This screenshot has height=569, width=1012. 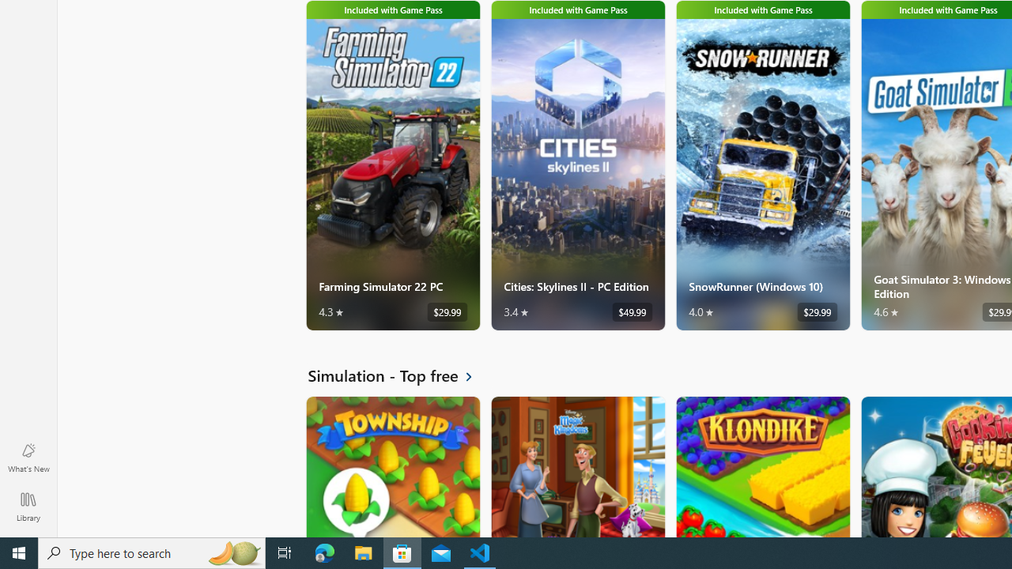 I want to click on 'Library', so click(x=28, y=506).